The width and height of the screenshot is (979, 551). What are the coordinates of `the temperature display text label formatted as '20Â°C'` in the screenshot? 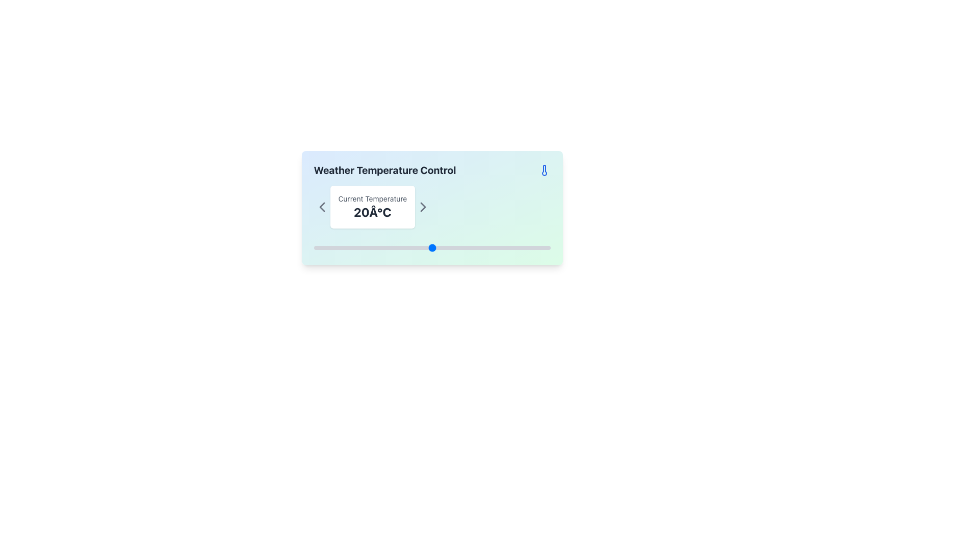 It's located at (372, 212).